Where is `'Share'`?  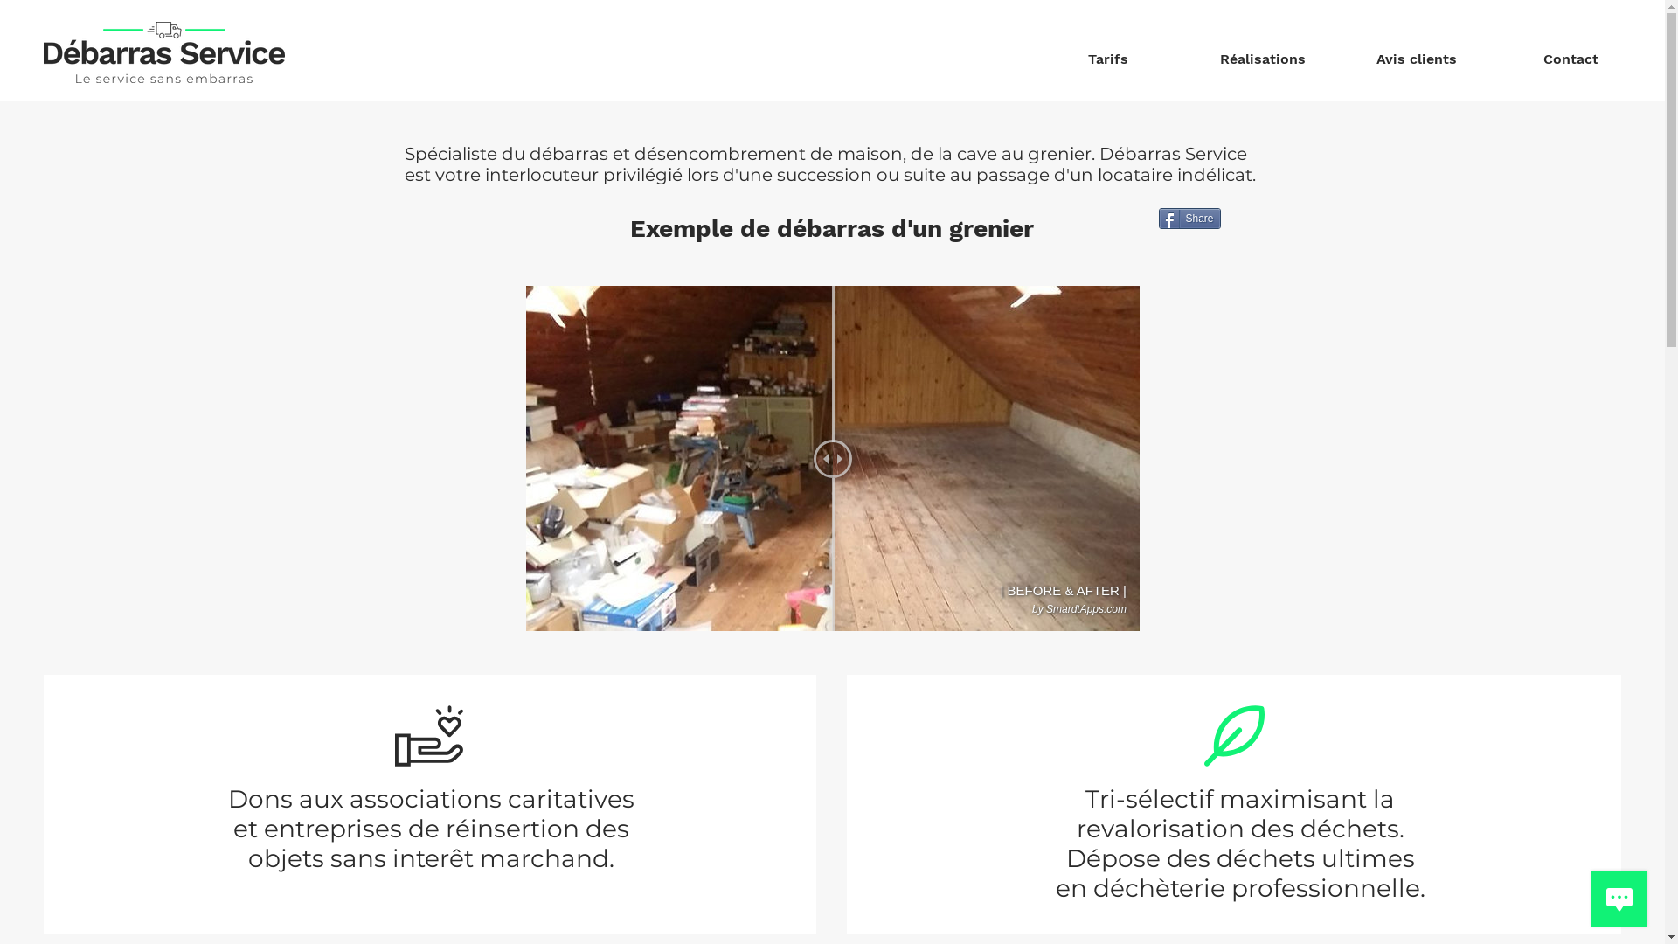 'Share' is located at coordinates (1158, 218).